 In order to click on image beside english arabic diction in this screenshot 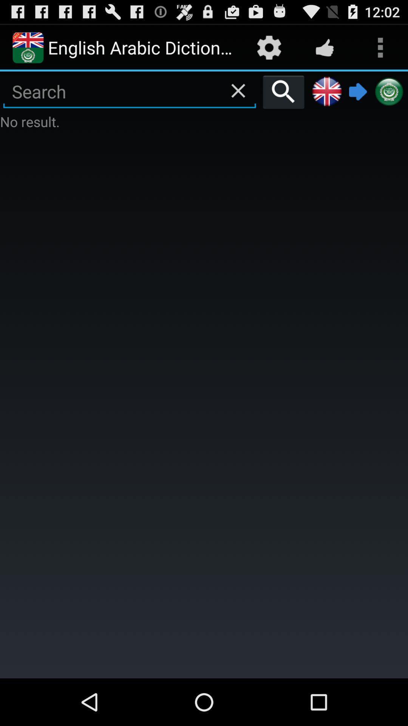, I will do `click(27, 47)`.